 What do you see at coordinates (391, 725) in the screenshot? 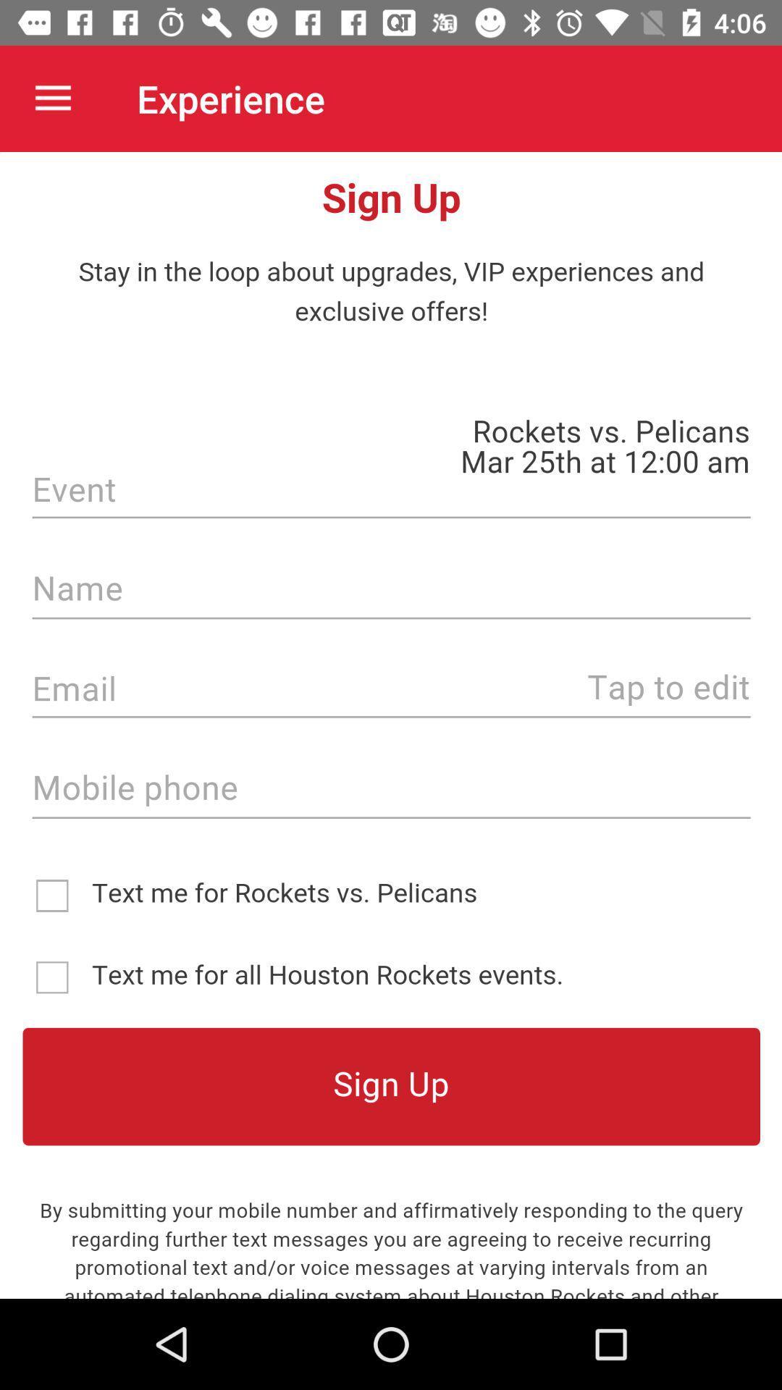
I see `description` at bounding box center [391, 725].